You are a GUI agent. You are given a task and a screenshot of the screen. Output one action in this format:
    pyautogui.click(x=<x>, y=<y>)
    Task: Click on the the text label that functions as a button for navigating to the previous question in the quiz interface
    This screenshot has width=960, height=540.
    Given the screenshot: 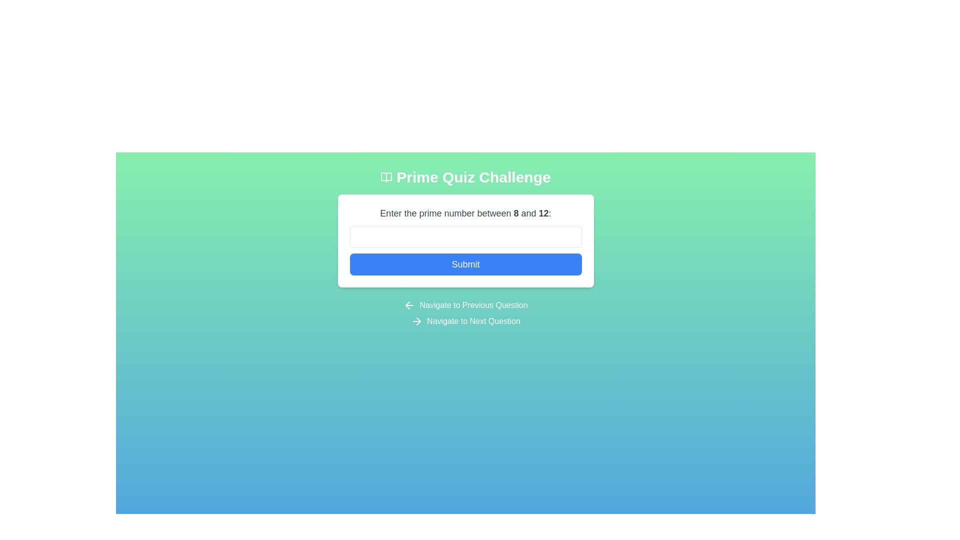 What is the action you would take?
    pyautogui.click(x=473, y=304)
    